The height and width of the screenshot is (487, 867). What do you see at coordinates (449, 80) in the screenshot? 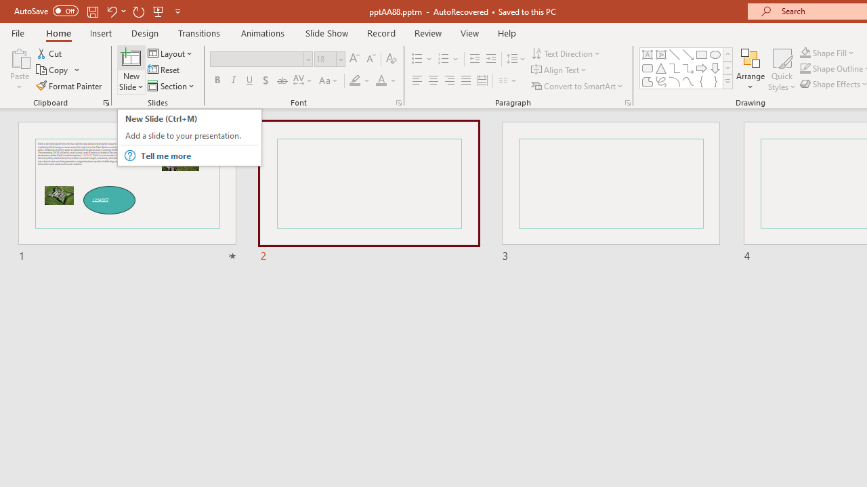
I see `'Align Right'` at bounding box center [449, 80].